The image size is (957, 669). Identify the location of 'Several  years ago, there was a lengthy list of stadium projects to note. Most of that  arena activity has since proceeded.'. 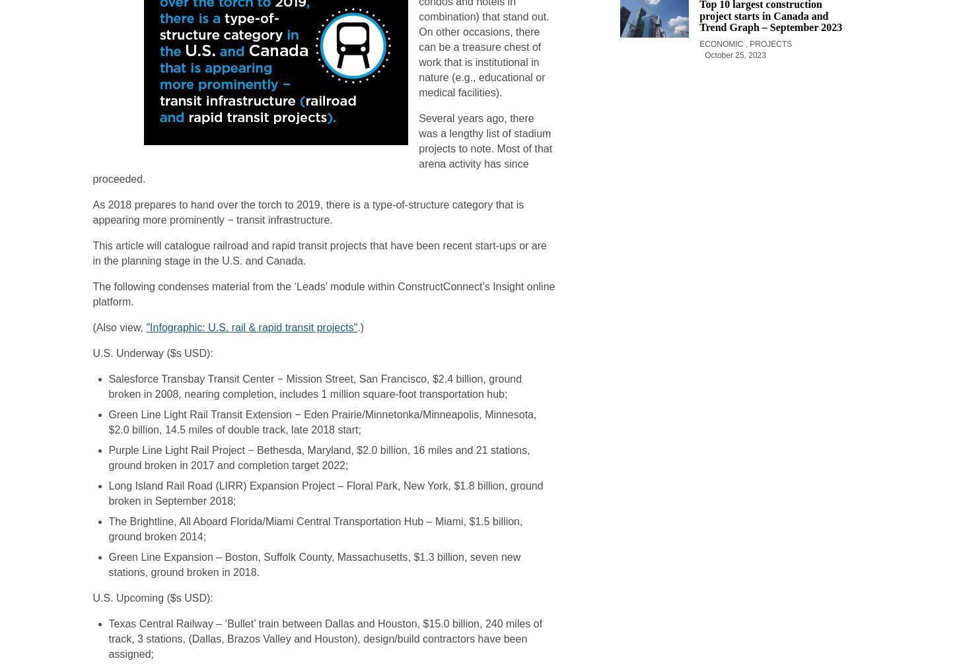
(322, 148).